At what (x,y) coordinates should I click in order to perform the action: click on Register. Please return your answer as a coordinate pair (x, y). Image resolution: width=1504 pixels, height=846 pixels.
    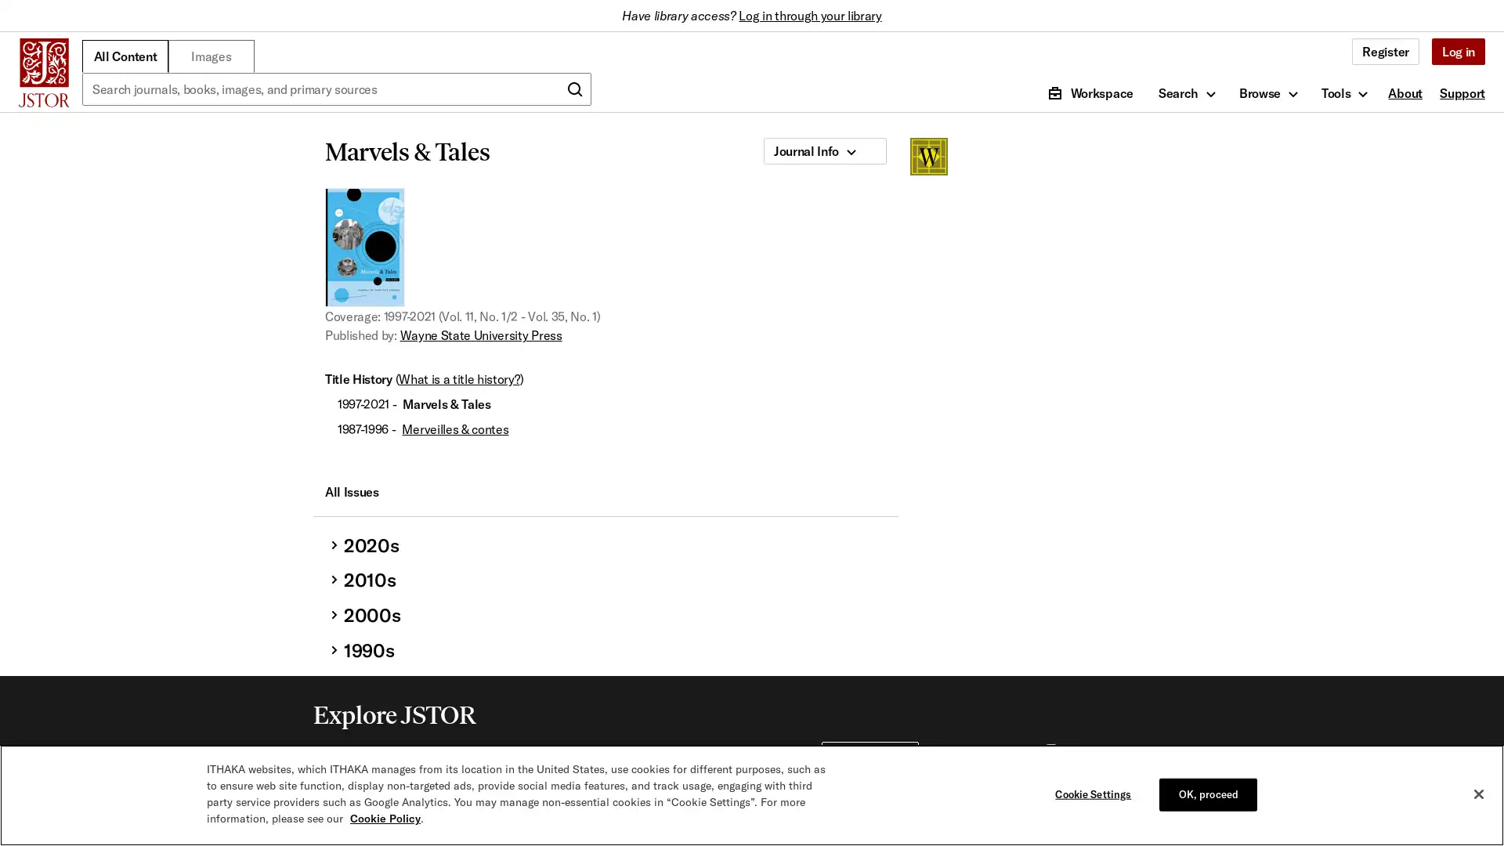
    Looking at the image, I should click on (1385, 50).